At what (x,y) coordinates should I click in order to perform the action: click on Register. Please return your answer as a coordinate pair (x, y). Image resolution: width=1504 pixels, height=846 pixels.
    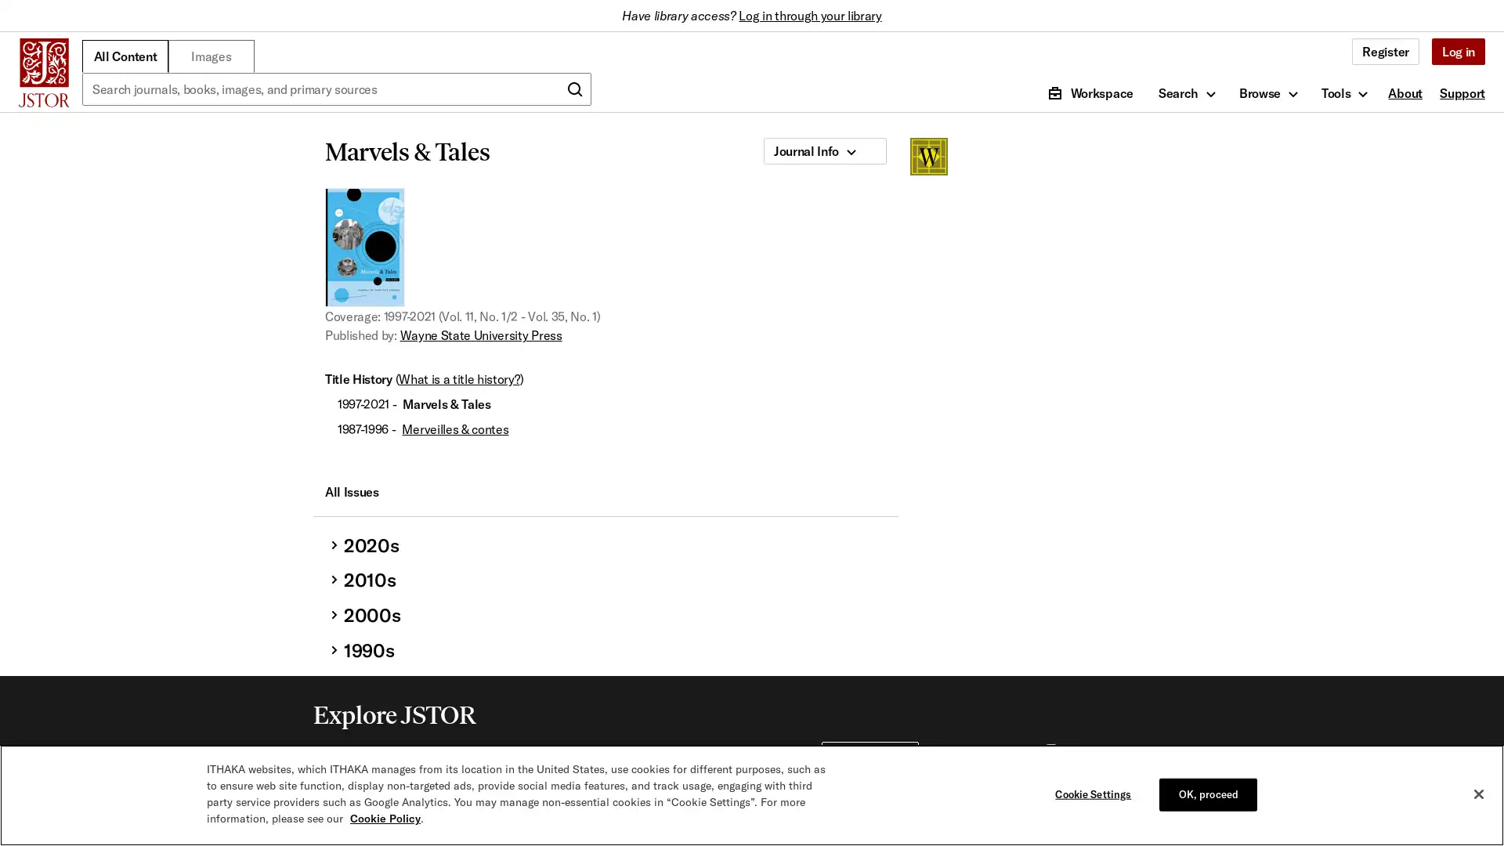
    Looking at the image, I should click on (1385, 50).